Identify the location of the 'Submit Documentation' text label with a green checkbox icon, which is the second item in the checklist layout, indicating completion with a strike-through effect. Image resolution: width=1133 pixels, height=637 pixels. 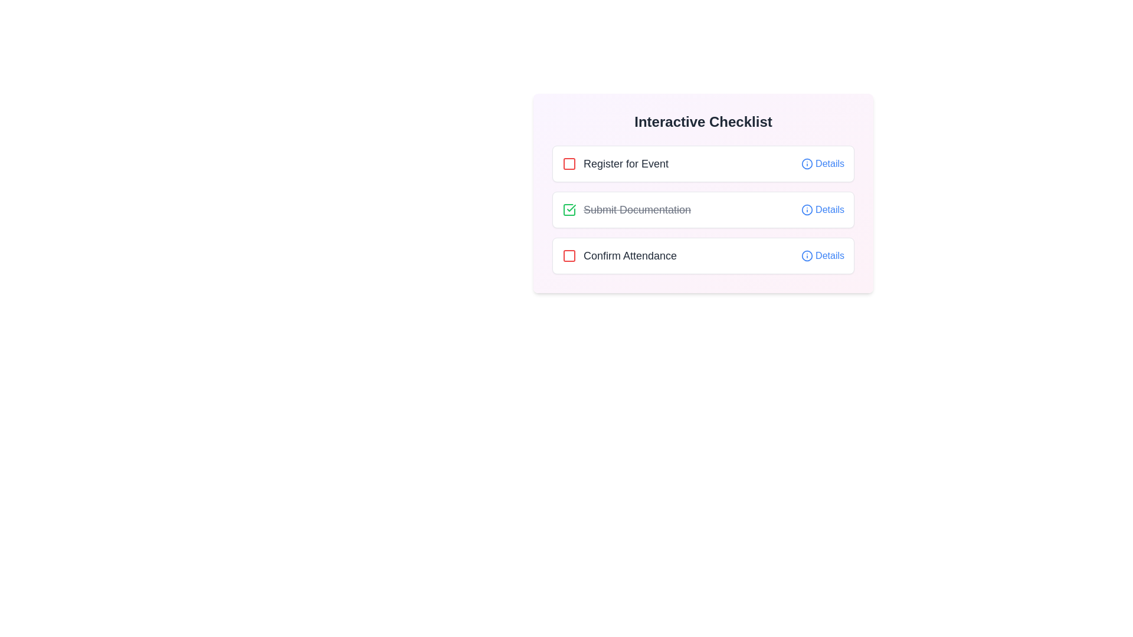
(626, 209).